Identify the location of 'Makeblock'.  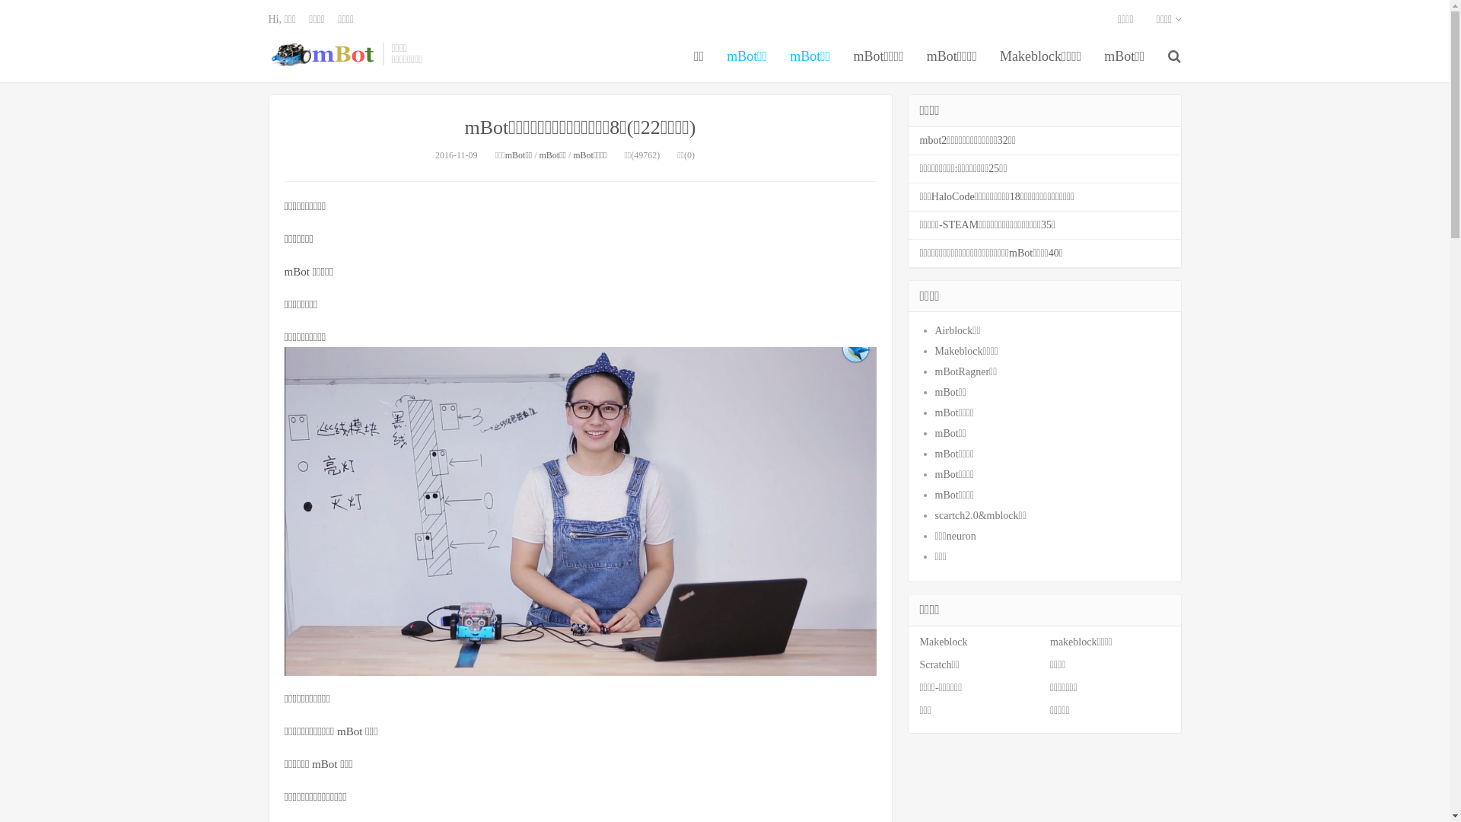
(942, 642).